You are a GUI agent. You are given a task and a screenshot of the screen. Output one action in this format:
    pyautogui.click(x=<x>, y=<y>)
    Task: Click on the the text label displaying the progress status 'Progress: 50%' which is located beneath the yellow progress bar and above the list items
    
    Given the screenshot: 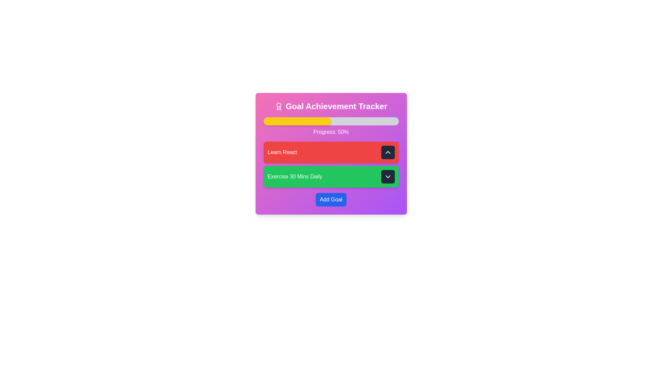 What is the action you would take?
    pyautogui.click(x=331, y=132)
    